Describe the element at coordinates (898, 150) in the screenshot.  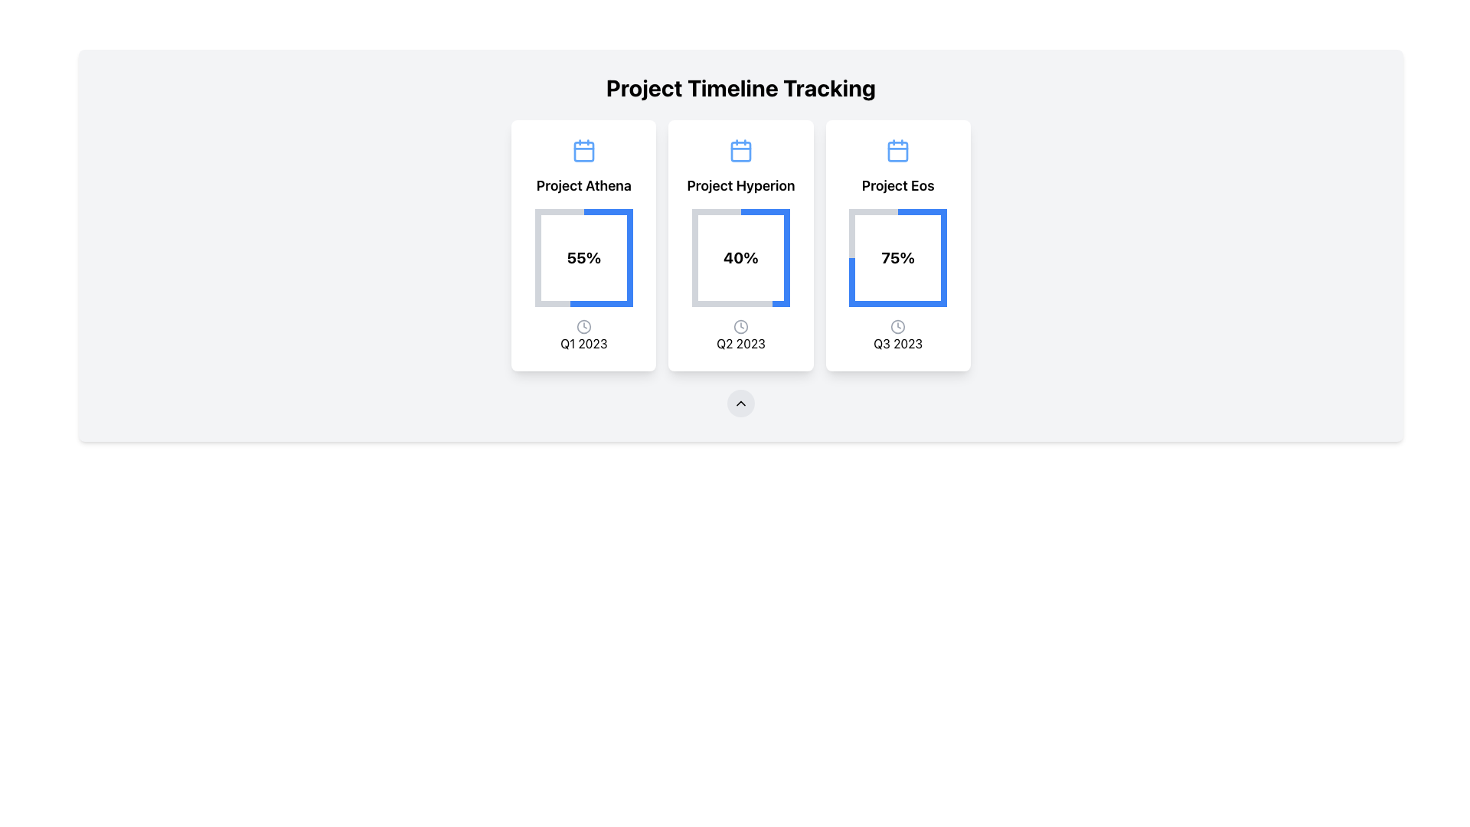
I see `the calendar icon located at the top of the 'Project Eos' card, which is in the rightmost column of a three-column layout` at that location.